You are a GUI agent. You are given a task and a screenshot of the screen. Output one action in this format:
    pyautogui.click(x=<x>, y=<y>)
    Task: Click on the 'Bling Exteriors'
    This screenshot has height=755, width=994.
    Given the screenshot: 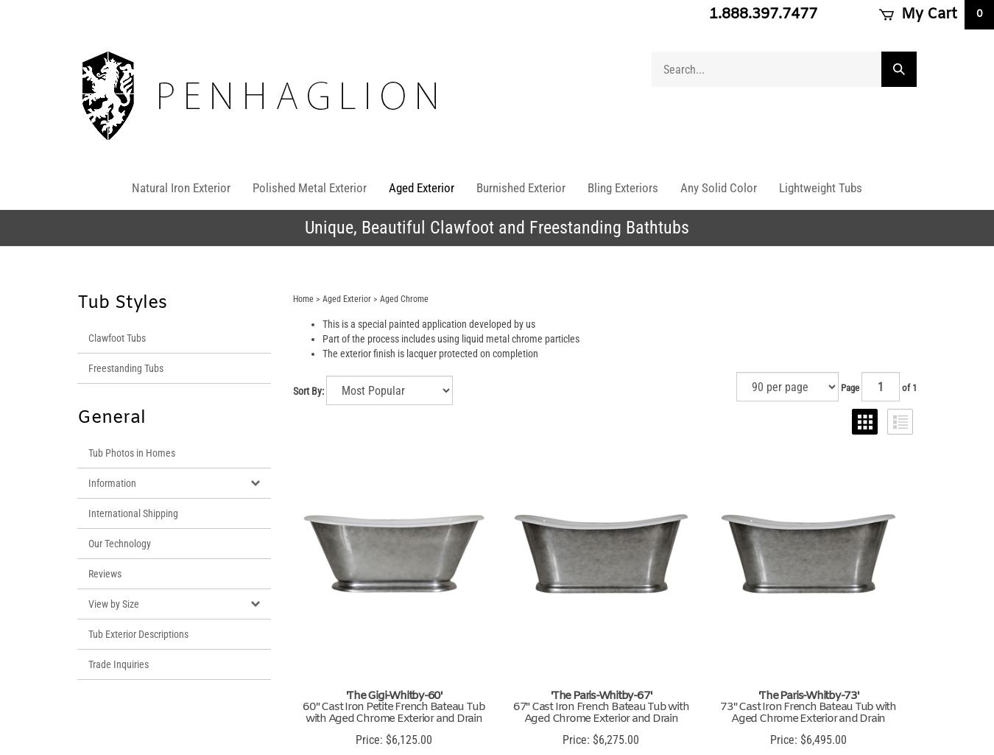 What is the action you would take?
    pyautogui.click(x=623, y=187)
    